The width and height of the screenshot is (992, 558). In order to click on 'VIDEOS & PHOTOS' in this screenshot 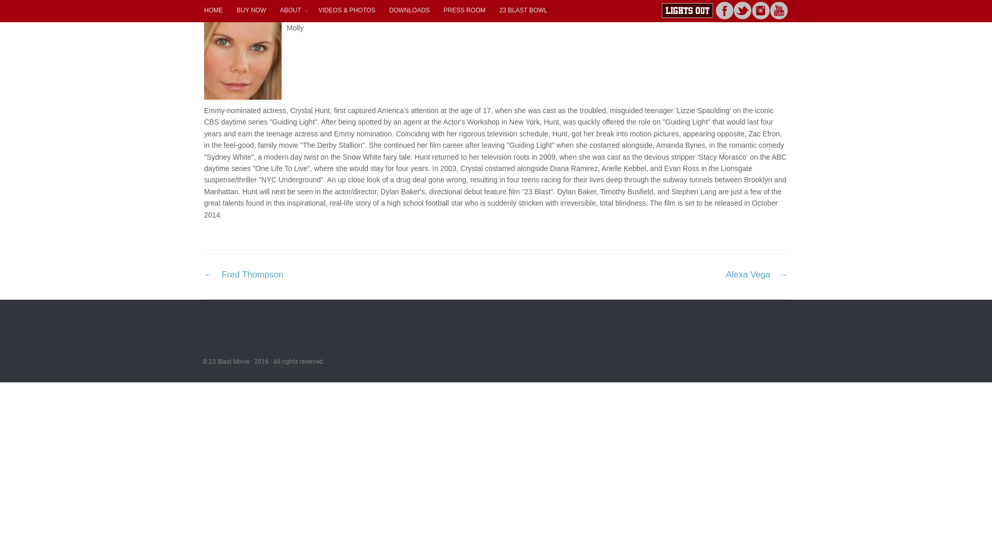, I will do `click(347, 10)`.